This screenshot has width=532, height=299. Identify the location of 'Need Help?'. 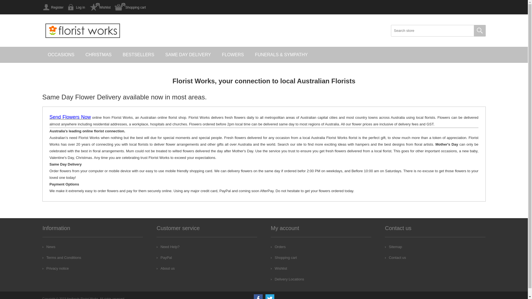
(168, 246).